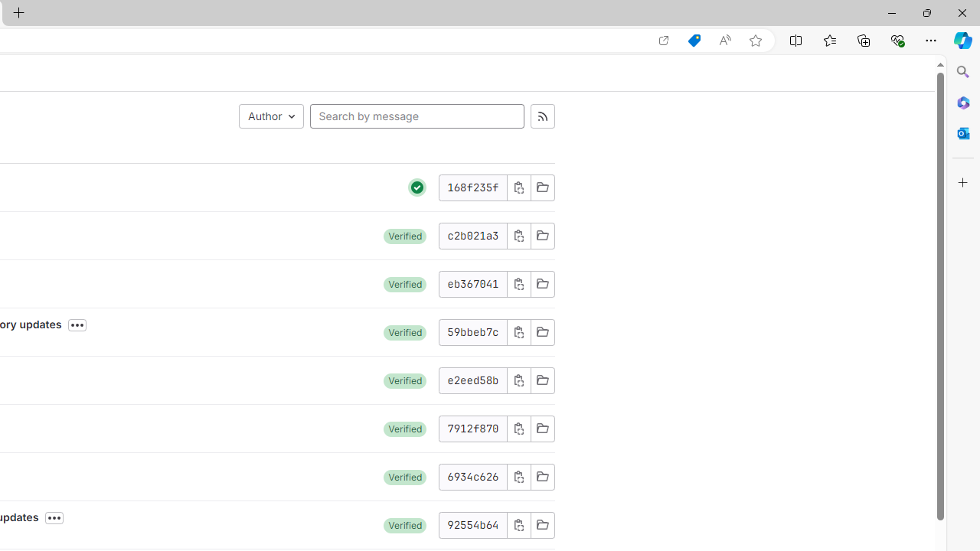 This screenshot has height=551, width=980. What do you see at coordinates (542, 115) in the screenshot?
I see `'Commits feed'` at bounding box center [542, 115].